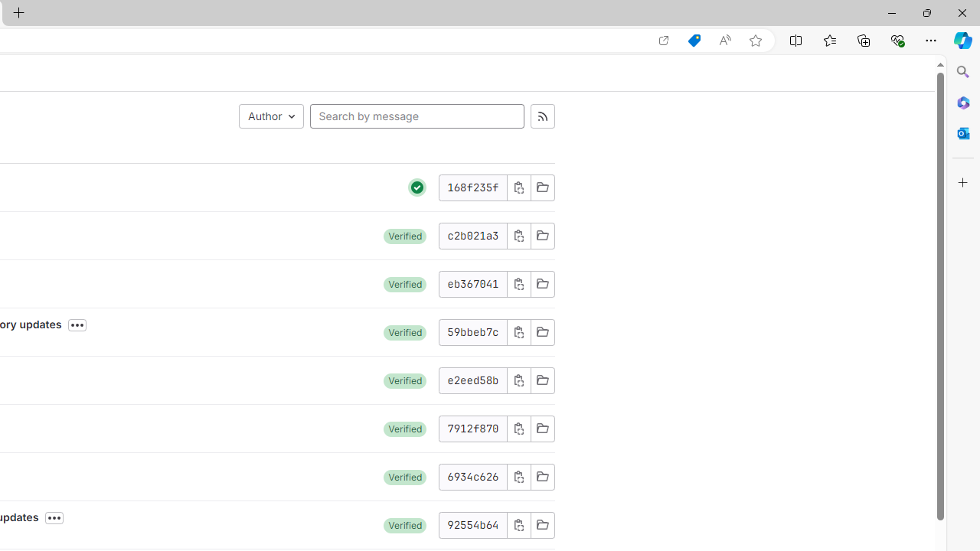 This screenshot has height=551, width=980. What do you see at coordinates (542, 115) in the screenshot?
I see `'Commits feed'` at bounding box center [542, 115].